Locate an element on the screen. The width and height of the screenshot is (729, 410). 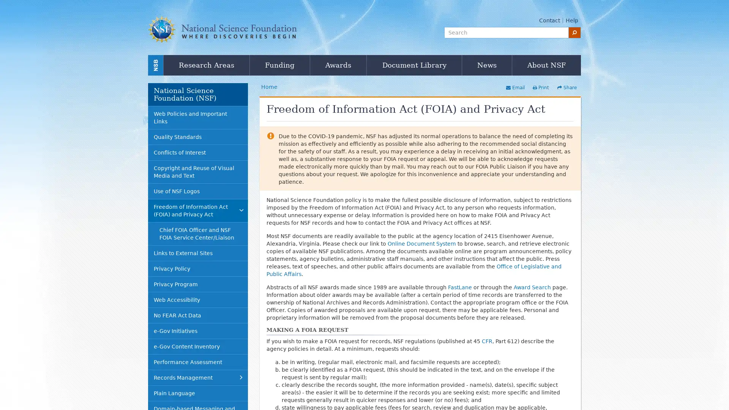
search is located at coordinates (574, 32).